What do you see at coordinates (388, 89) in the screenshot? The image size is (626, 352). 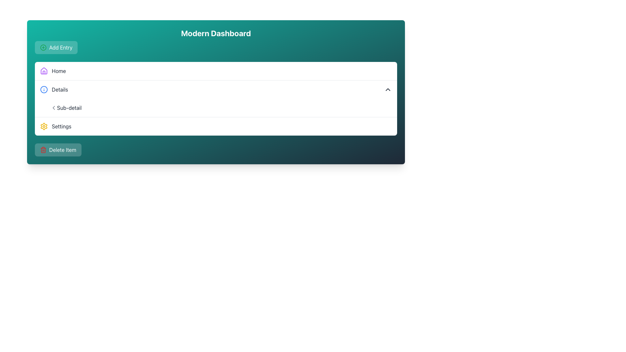 I see `the chevron icon located immediately to the right of the 'Details' row` at bounding box center [388, 89].